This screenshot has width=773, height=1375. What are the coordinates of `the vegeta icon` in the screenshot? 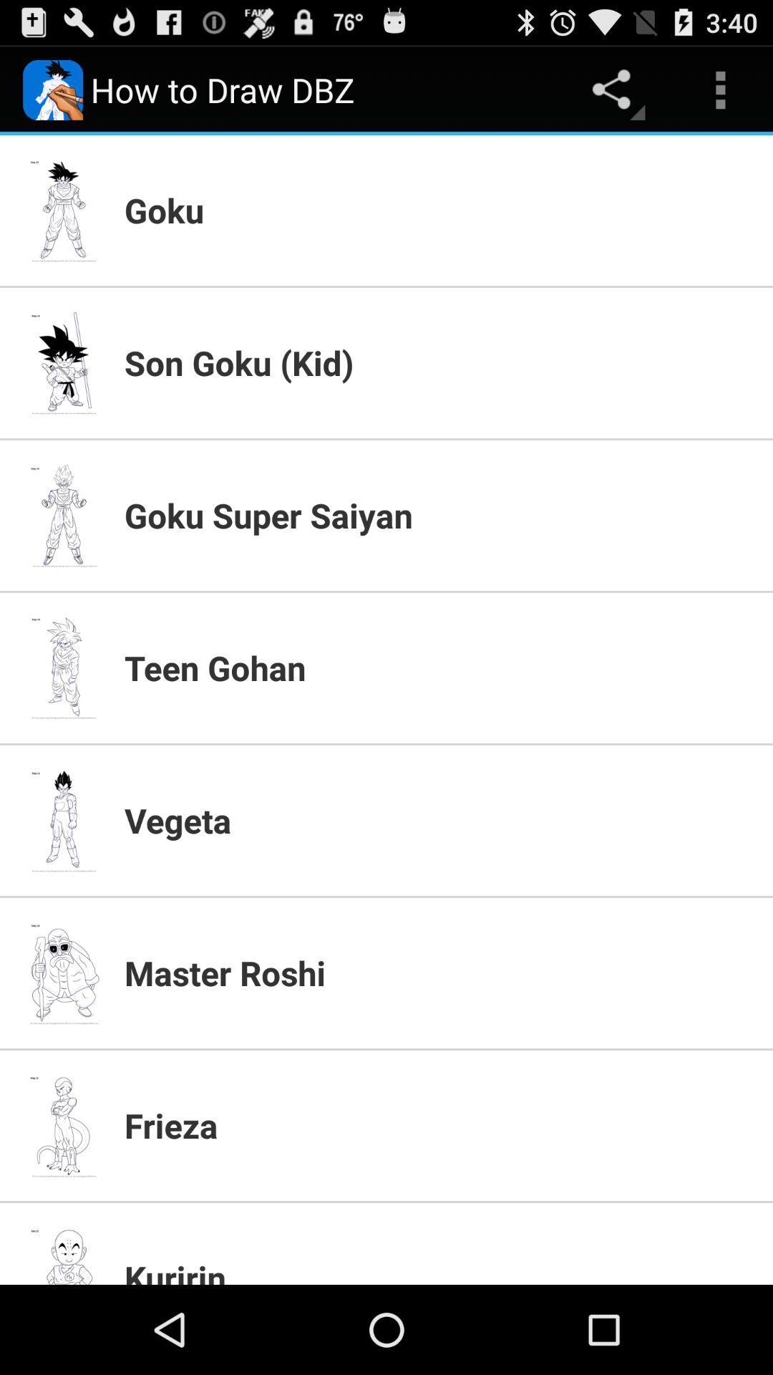 It's located at (439, 820).